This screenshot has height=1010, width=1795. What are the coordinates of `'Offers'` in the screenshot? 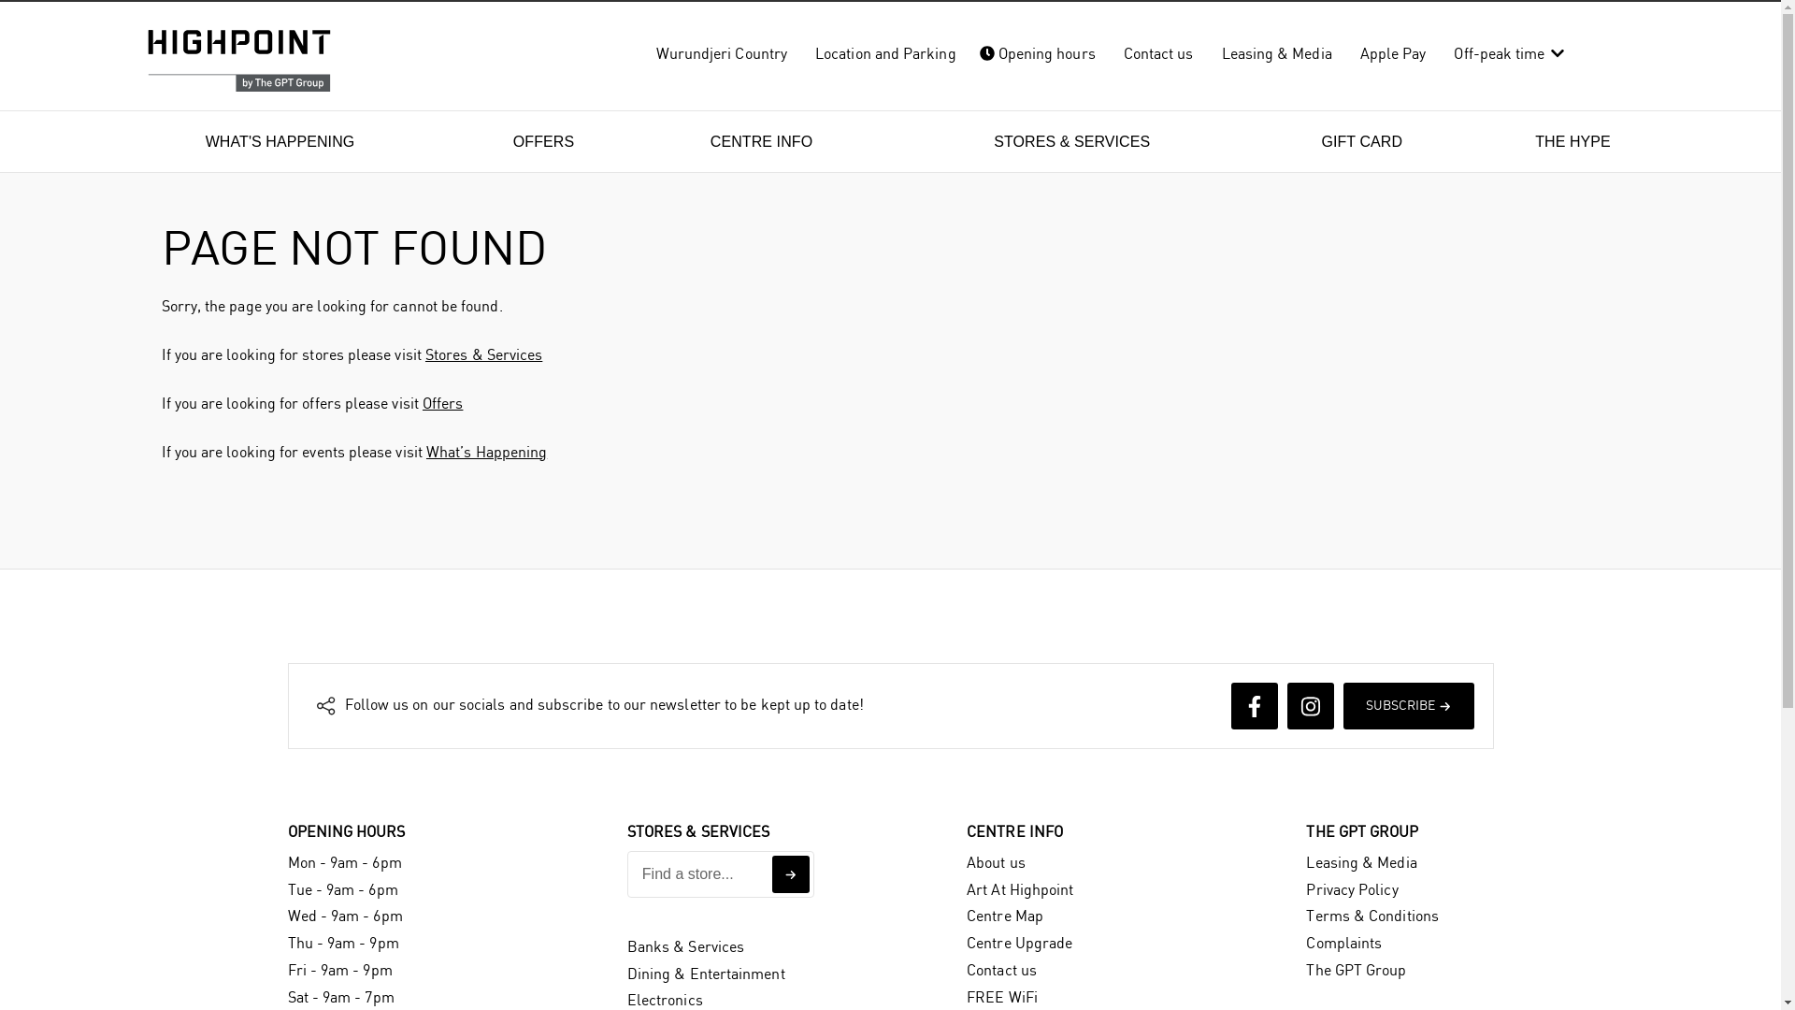 It's located at (441, 403).